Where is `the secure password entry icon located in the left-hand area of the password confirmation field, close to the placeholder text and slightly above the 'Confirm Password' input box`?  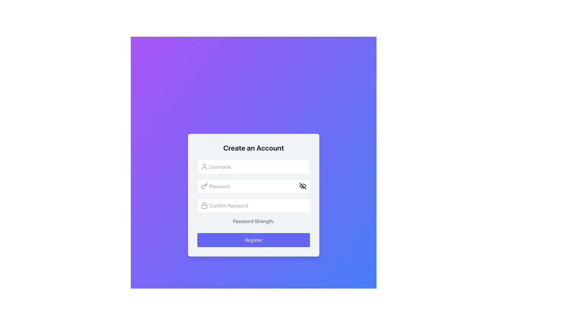 the secure password entry icon located in the left-hand area of the password confirmation field, close to the placeholder text and slightly above the 'Confirm Password' input box is located at coordinates (204, 205).